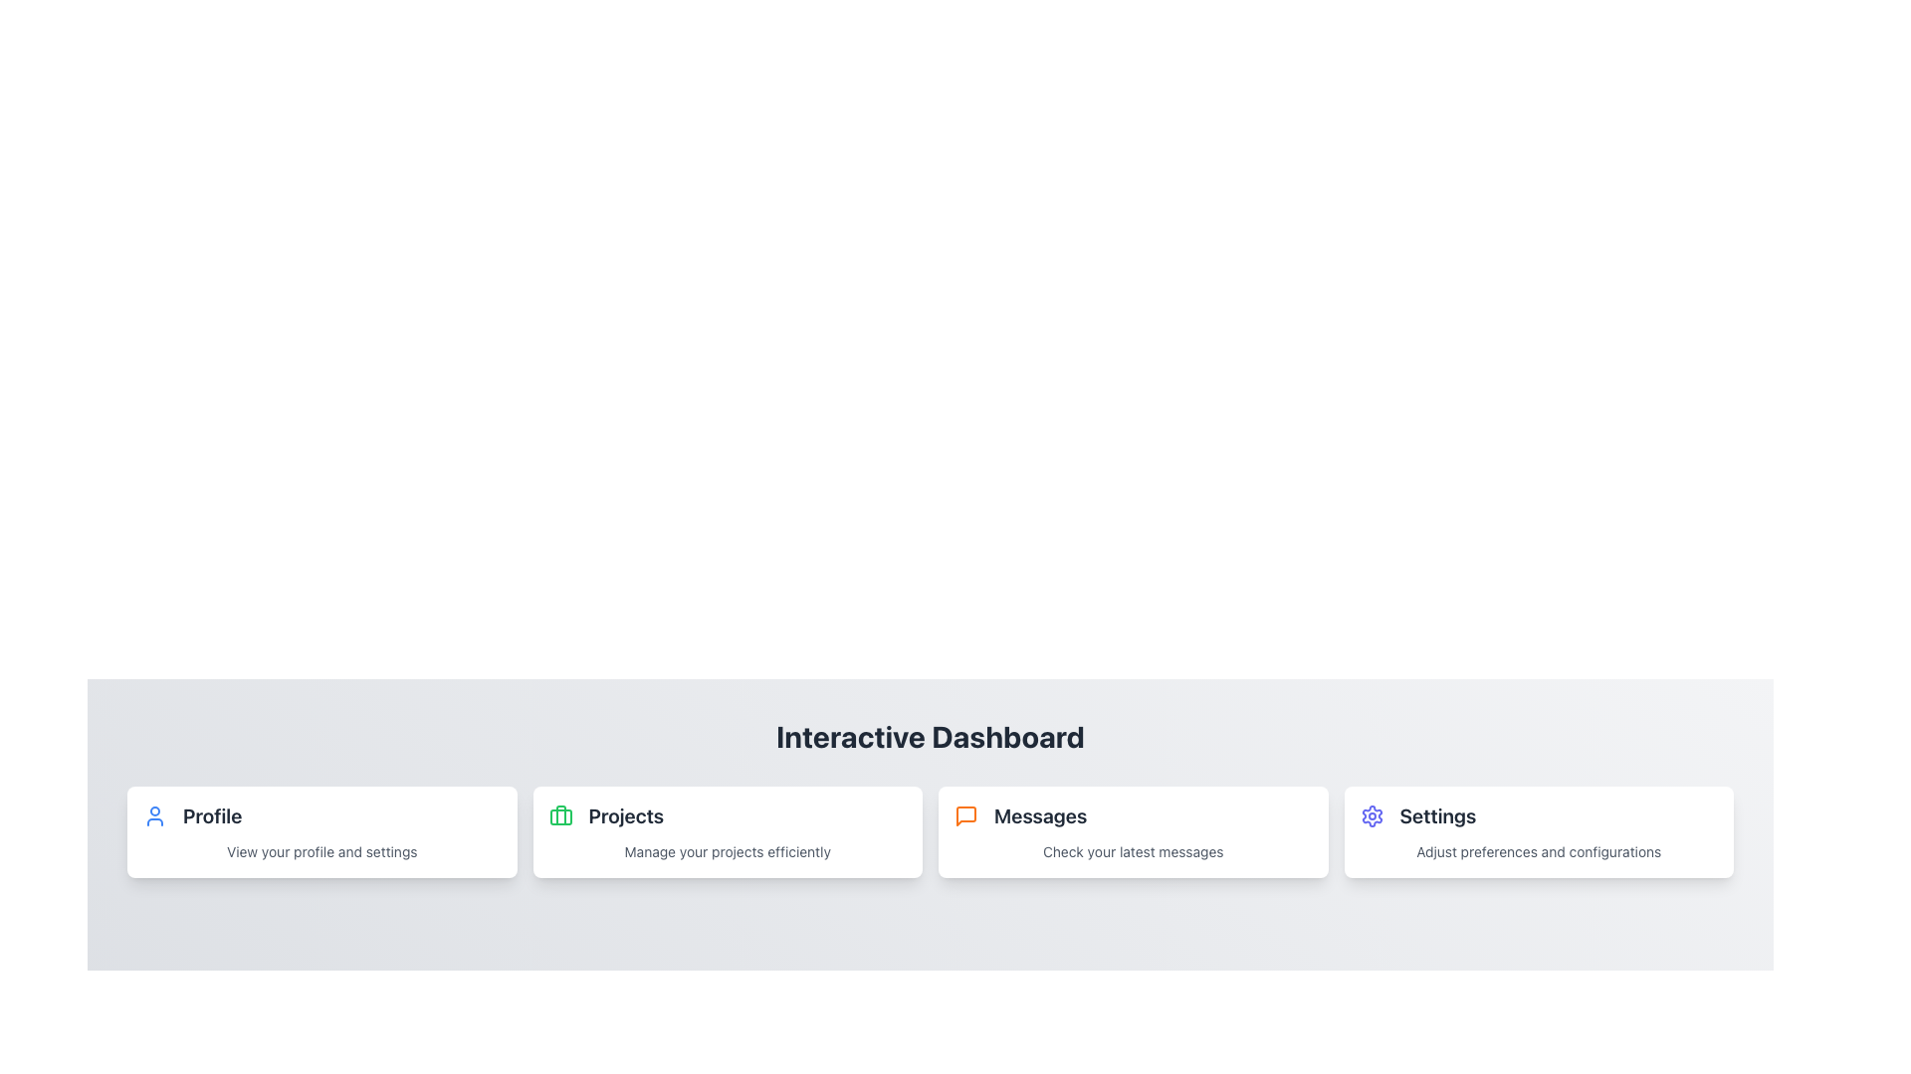 This screenshot has width=1911, height=1074. What do you see at coordinates (321, 850) in the screenshot?
I see `static text label providing information about the 'Profile' section, located at the bottom of the 'Profile' card on the left side of the interface` at bounding box center [321, 850].